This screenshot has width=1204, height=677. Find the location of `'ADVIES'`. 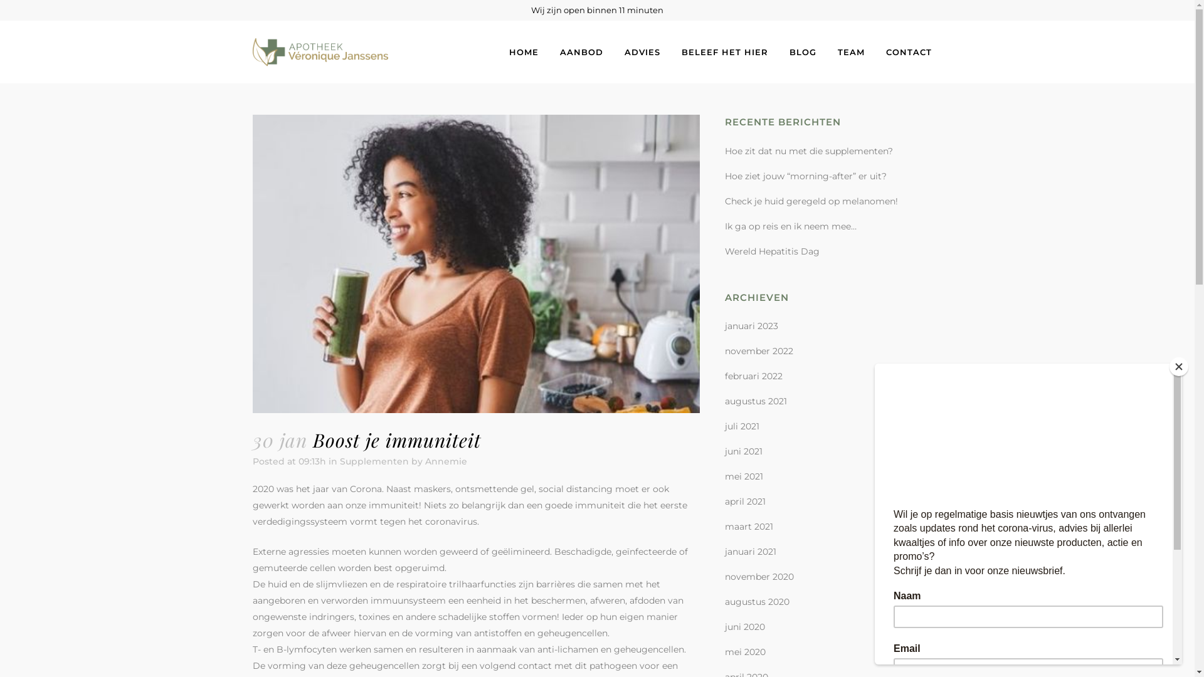

'ADVIES' is located at coordinates (642, 51).